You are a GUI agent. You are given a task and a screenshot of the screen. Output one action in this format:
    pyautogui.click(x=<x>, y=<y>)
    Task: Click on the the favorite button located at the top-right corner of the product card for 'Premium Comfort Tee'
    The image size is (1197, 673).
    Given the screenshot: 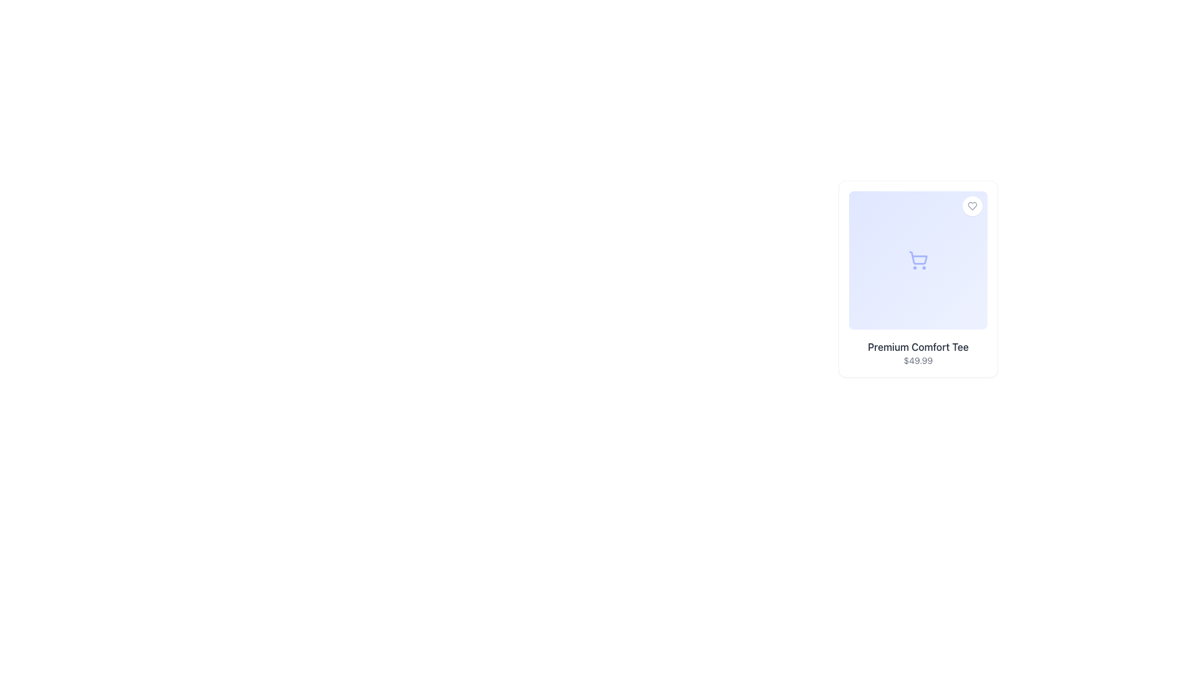 What is the action you would take?
    pyautogui.click(x=972, y=206)
    